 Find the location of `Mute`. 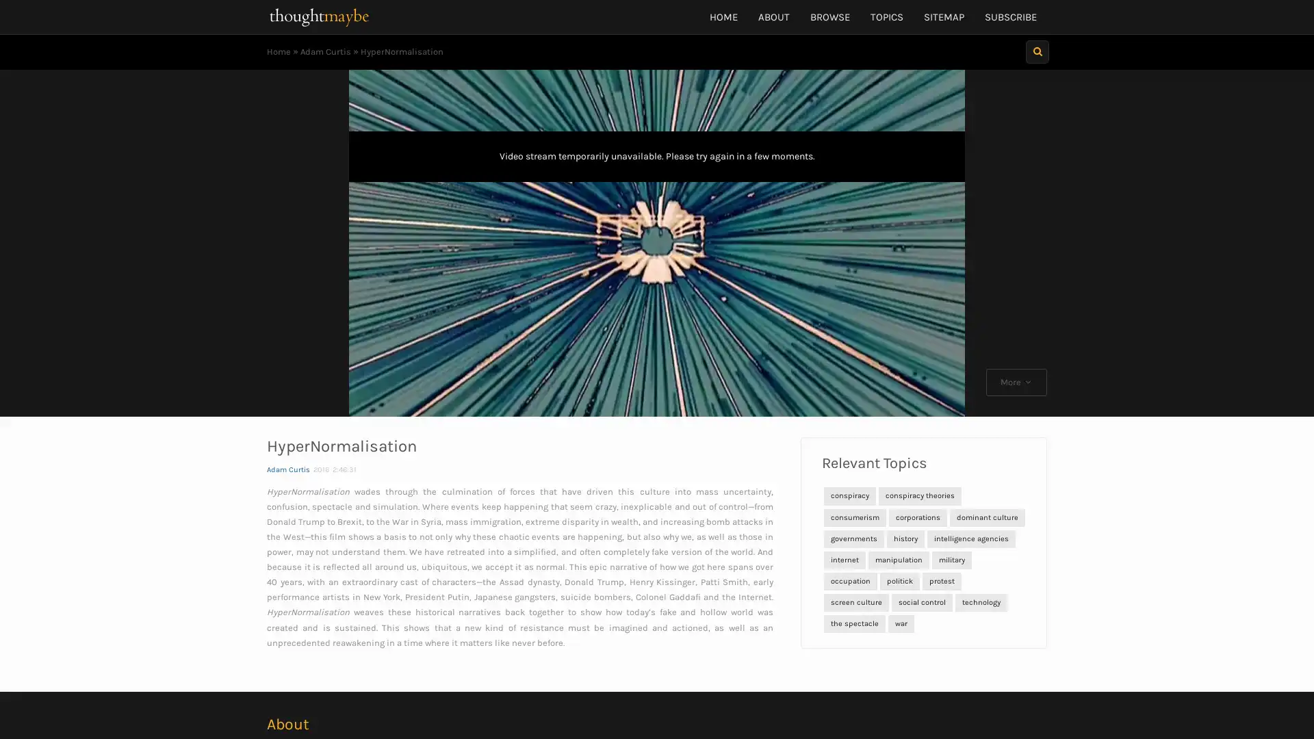

Mute is located at coordinates (925, 402).